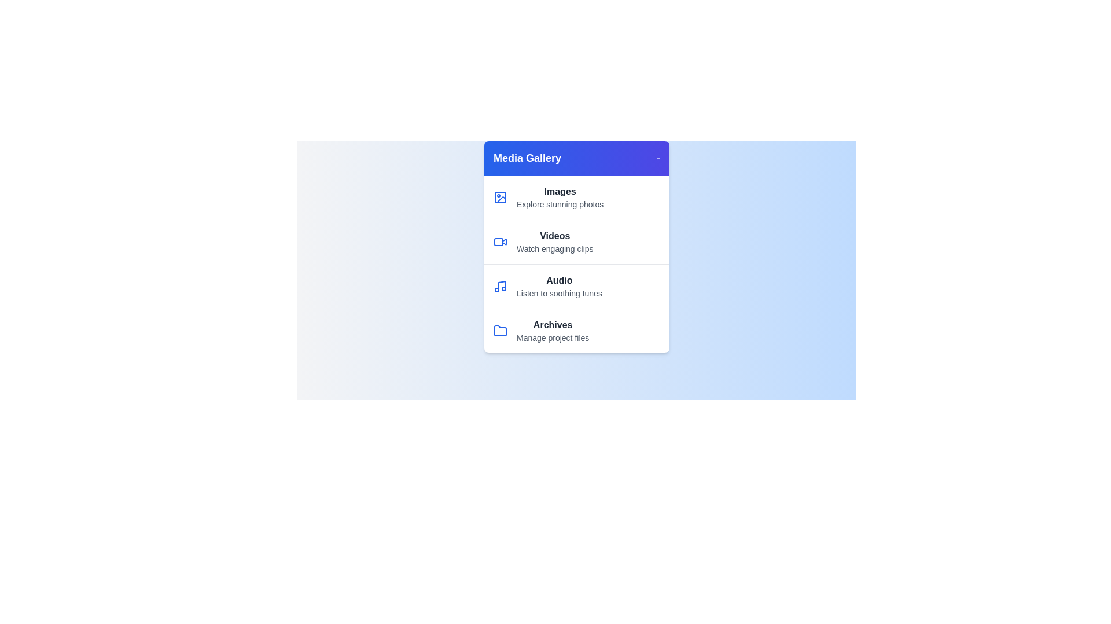 Image resolution: width=1111 pixels, height=624 pixels. I want to click on the media category Videos from the menu, so click(577, 241).